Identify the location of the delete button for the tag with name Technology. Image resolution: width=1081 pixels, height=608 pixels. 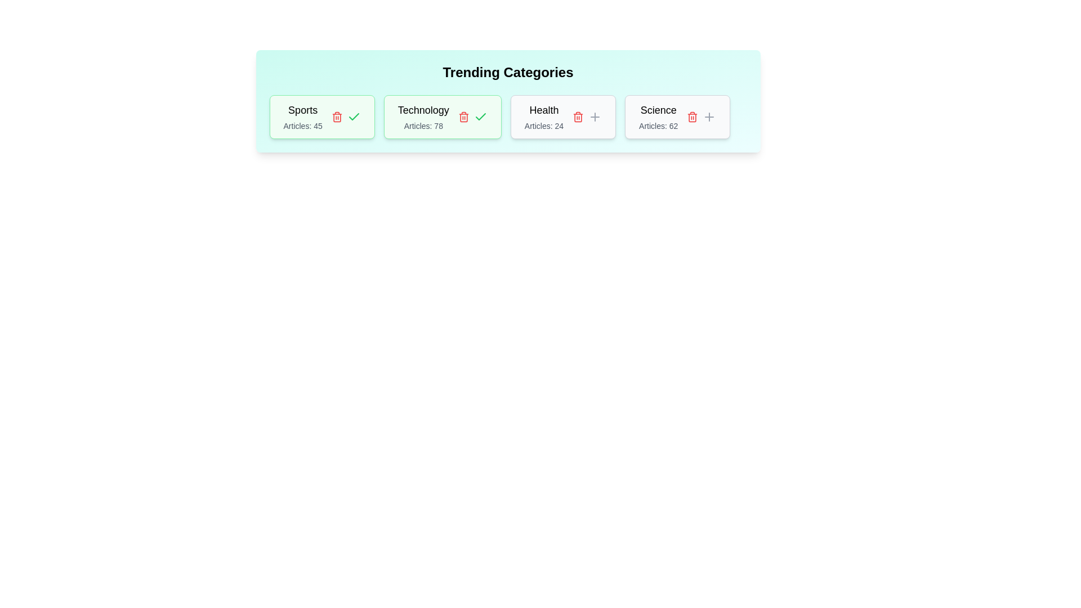
(463, 117).